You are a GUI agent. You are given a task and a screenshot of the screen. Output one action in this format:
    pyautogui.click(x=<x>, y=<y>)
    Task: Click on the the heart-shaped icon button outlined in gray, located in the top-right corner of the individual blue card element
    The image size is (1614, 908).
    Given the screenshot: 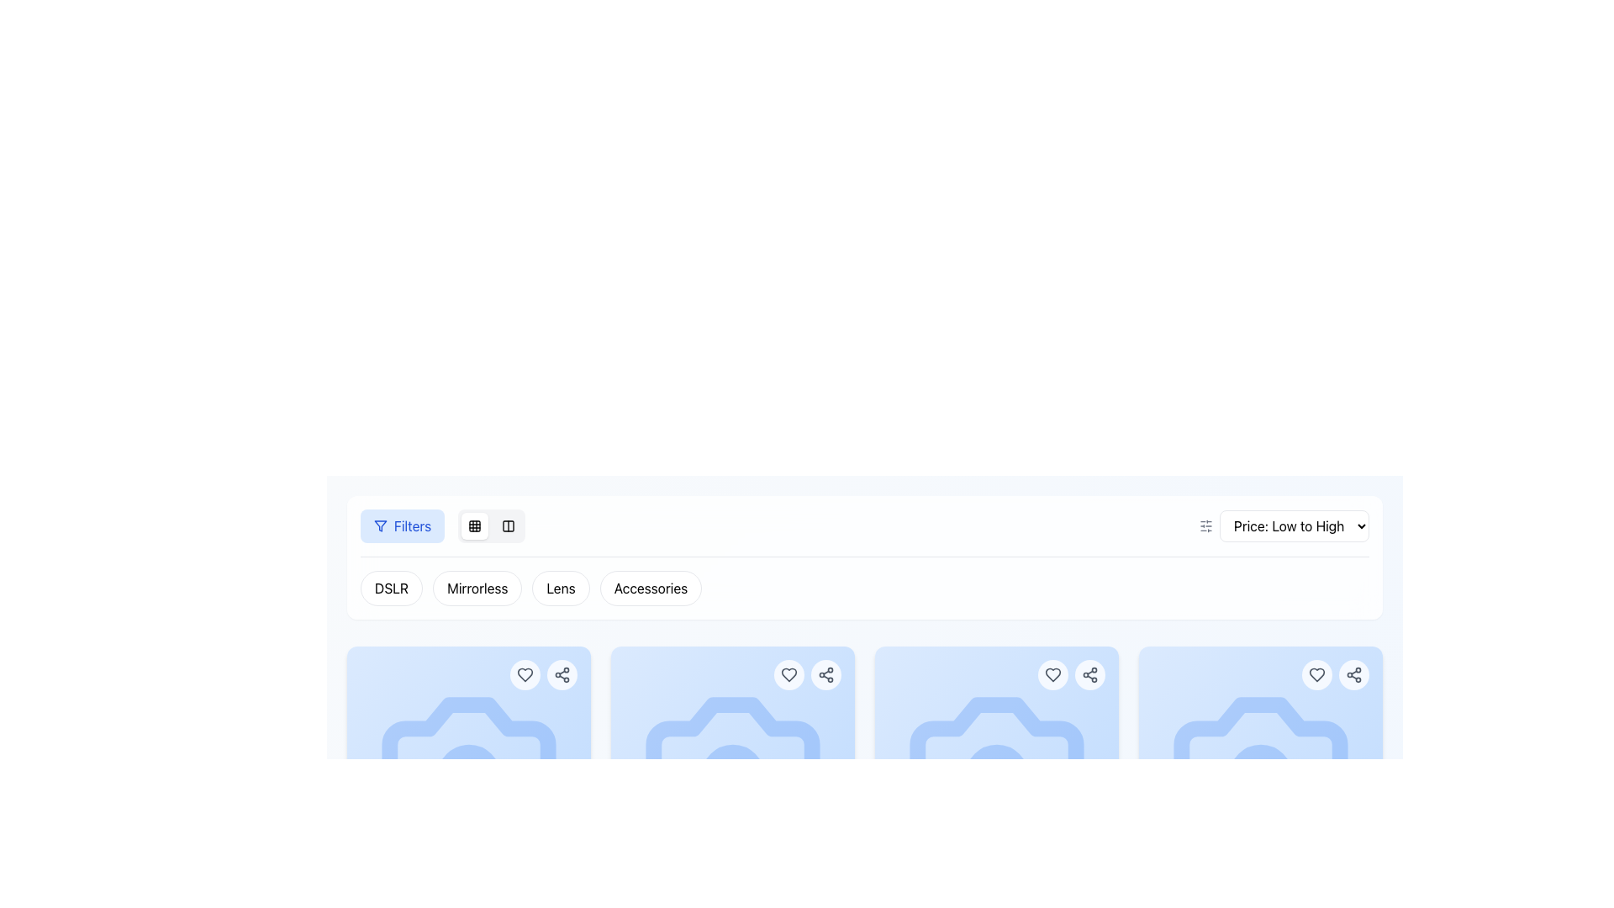 What is the action you would take?
    pyautogui.click(x=1316, y=673)
    